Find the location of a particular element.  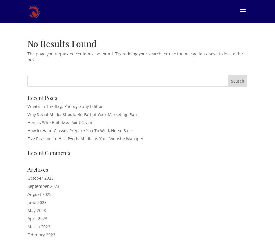

'June 2023' is located at coordinates (37, 202).